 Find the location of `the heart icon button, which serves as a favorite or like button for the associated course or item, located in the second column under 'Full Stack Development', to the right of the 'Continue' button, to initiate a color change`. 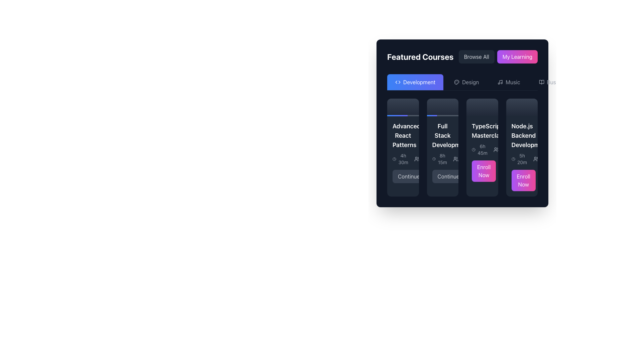

the heart icon button, which serves as a favorite or like button for the associated course or item, located in the second column under 'Full Stack Development', to the right of the 'Continue' button, to initiate a color change is located at coordinates (431, 176).